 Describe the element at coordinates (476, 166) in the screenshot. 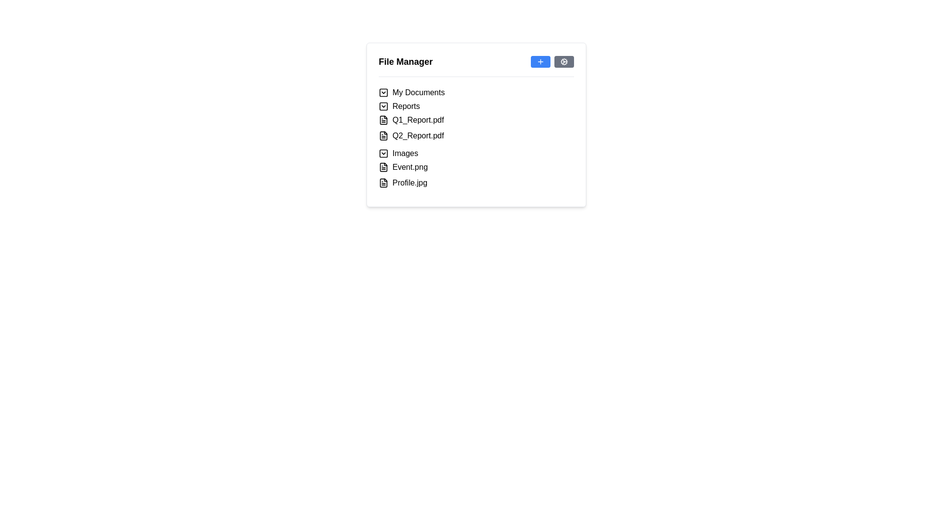

I see `the file entry 'Event.png'` at that location.